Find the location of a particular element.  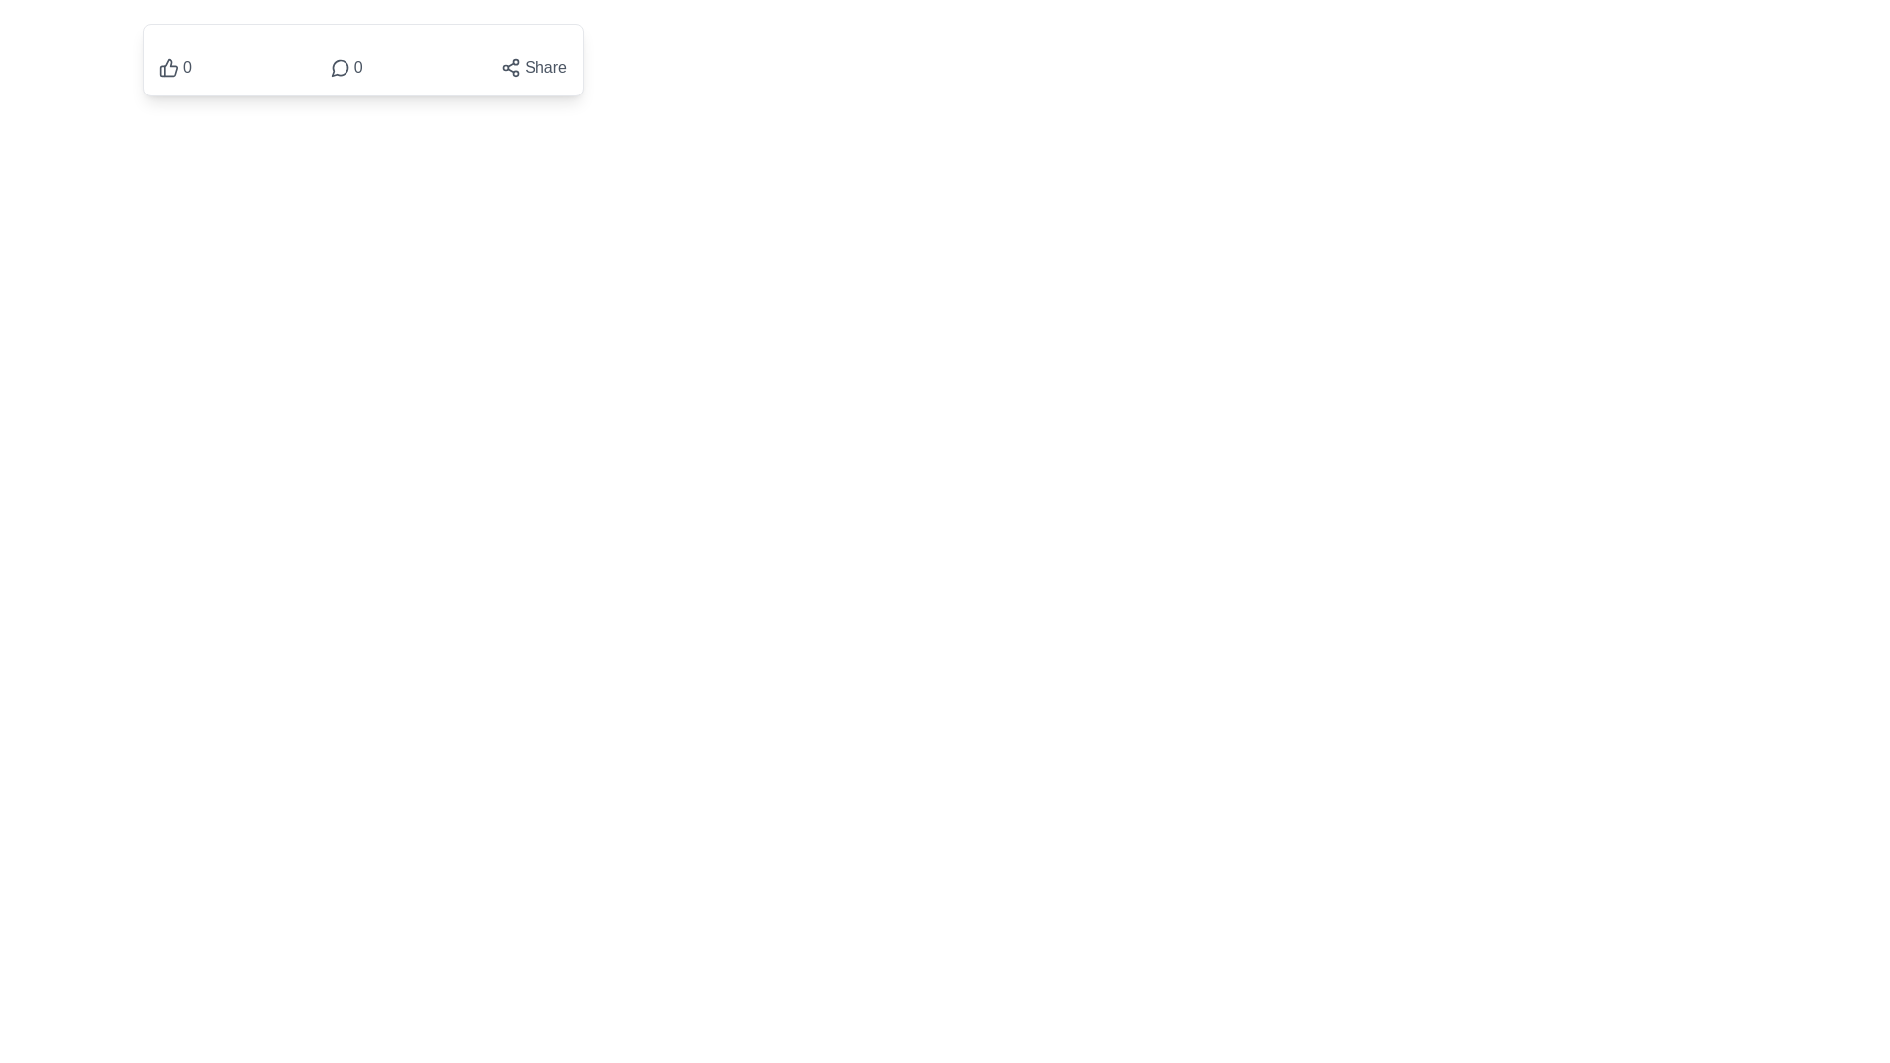

the thumbs-up icon located to the left of the numeric indicator '0', which is part of a toolbar near the top-left area of the interface is located at coordinates (169, 67).